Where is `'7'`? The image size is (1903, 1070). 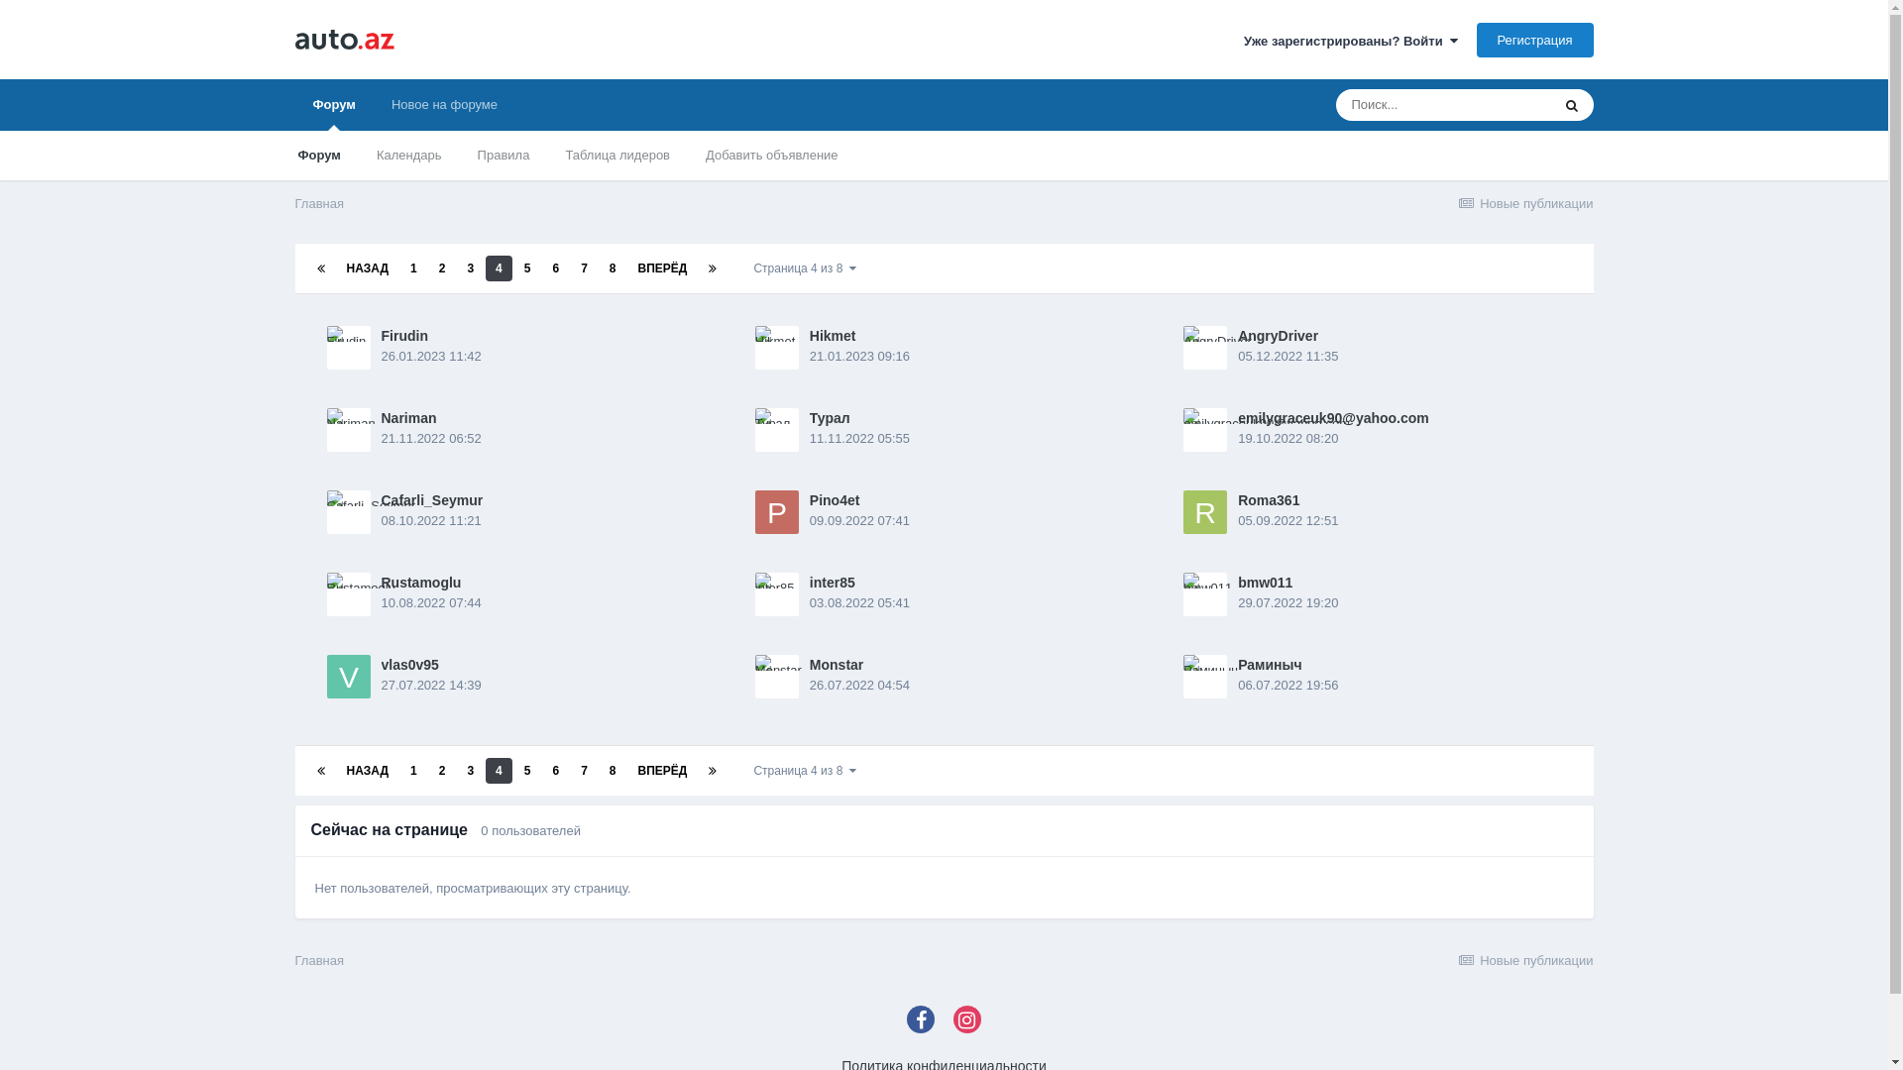 '7' is located at coordinates (583, 267).